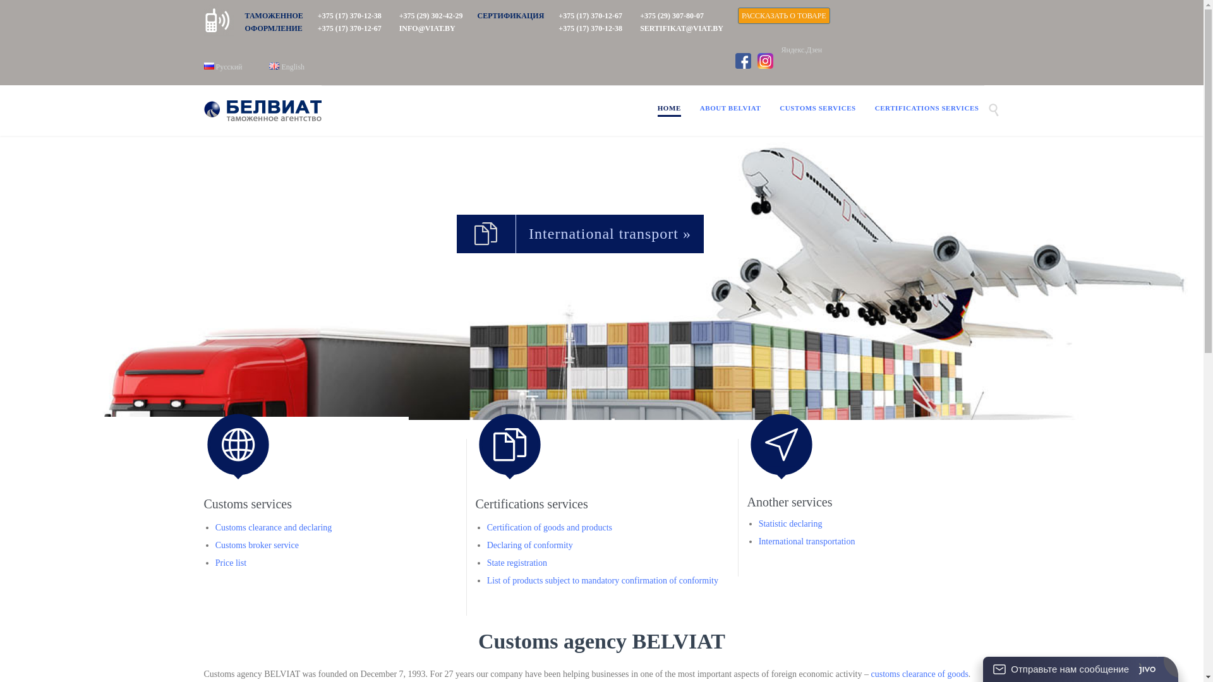  I want to click on 'State registration', so click(486, 562).